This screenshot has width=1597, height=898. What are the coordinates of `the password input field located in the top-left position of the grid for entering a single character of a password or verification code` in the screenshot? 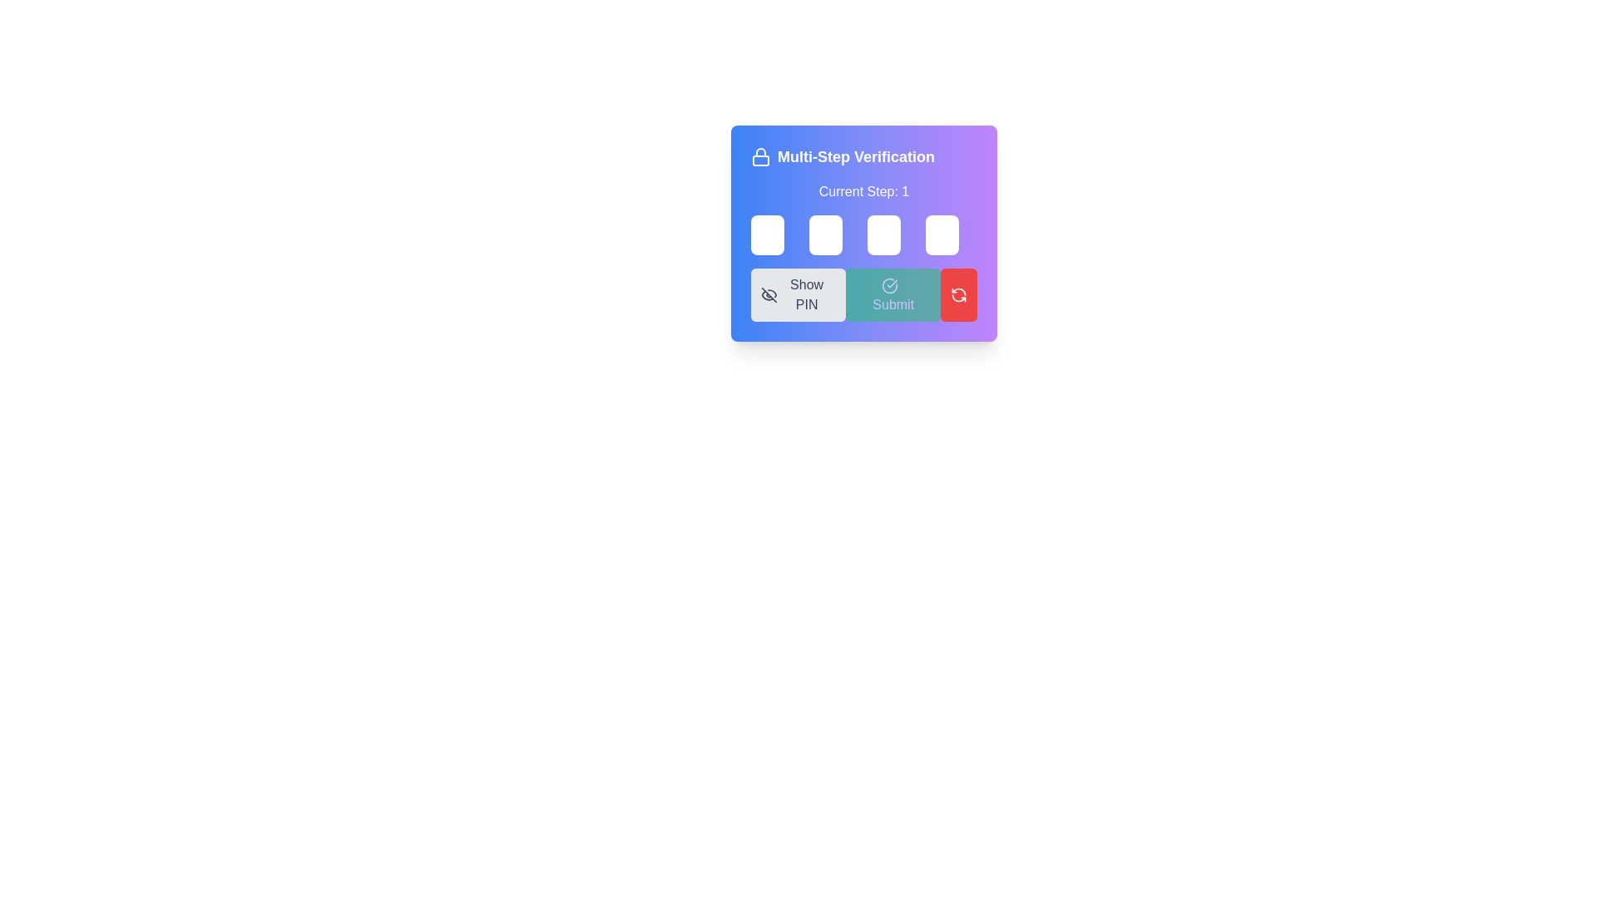 It's located at (766, 234).